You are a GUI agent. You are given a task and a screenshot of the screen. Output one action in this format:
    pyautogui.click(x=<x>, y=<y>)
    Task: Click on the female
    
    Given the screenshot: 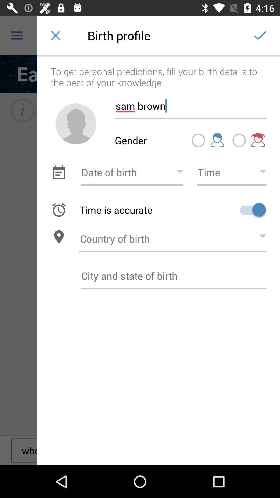 What is the action you would take?
    pyautogui.click(x=239, y=140)
    